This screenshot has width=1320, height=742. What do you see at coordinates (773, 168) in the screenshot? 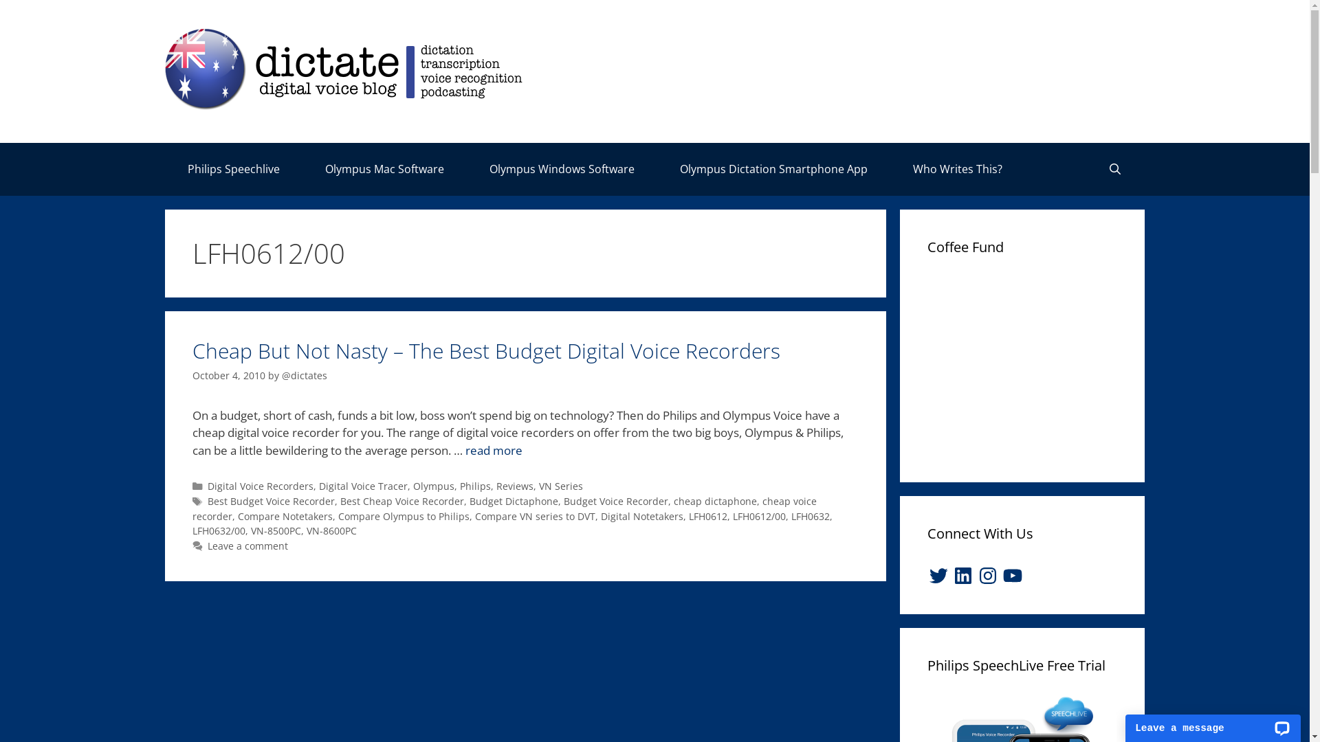
I see `'Olympus Dictation Smartphone App'` at bounding box center [773, 168].